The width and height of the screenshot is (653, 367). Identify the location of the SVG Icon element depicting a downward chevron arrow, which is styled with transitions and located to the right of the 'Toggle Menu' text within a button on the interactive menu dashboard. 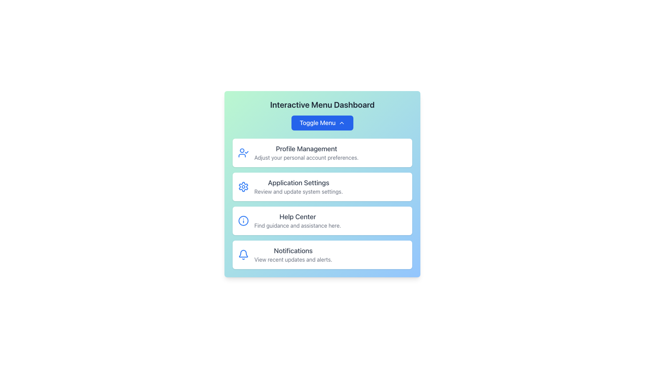
(341, 123).